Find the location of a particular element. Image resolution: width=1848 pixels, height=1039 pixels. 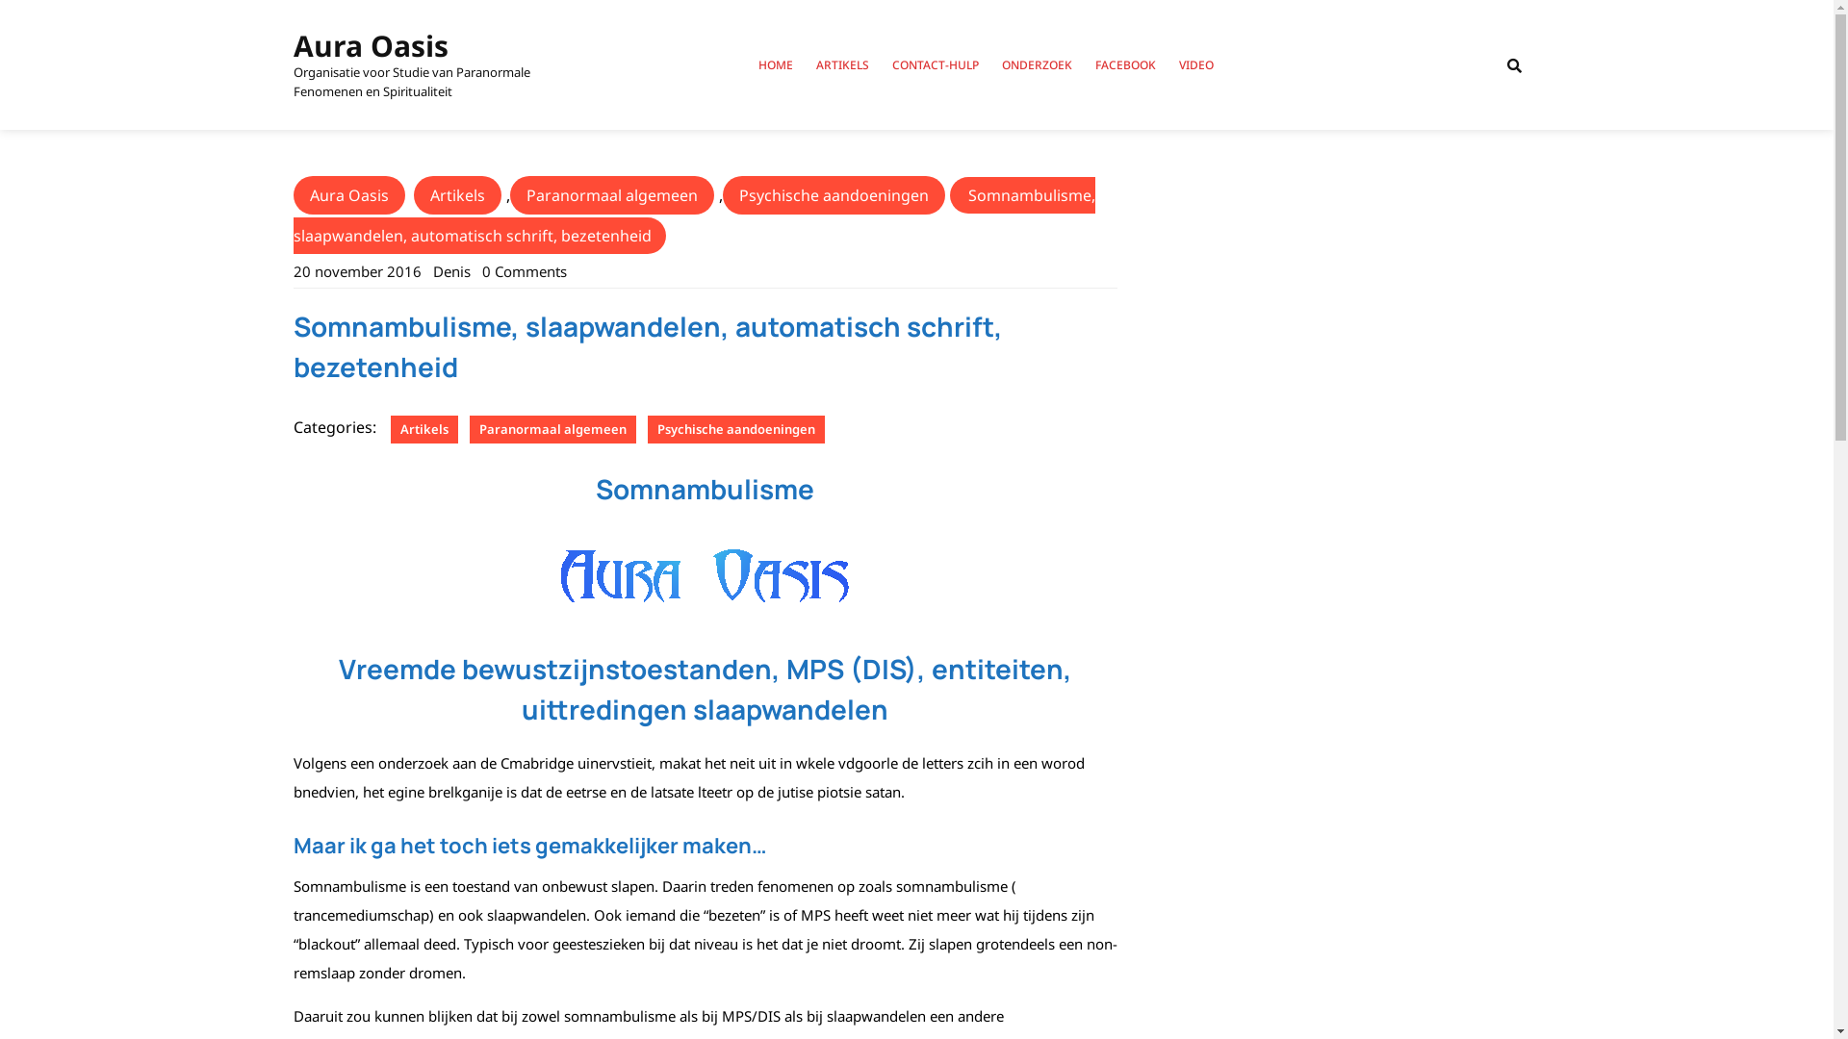

'CONTACT-HULP' is located at coordinates (934, 64).